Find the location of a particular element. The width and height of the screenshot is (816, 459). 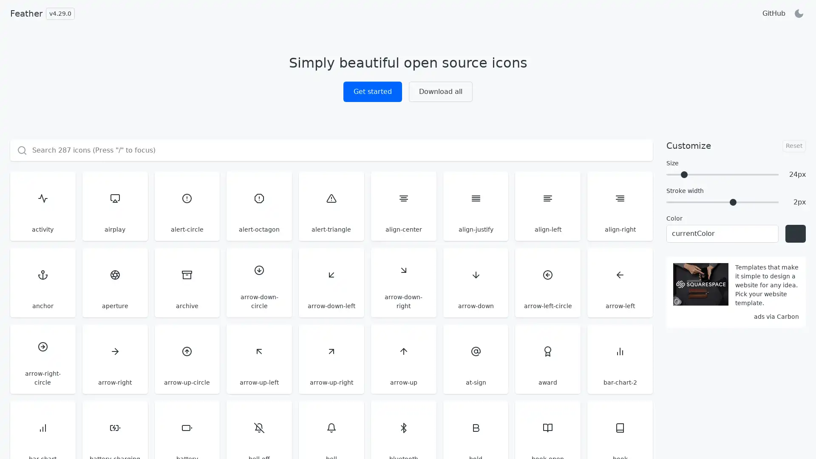

arrow-up-left is located at coordinates (258, 359).